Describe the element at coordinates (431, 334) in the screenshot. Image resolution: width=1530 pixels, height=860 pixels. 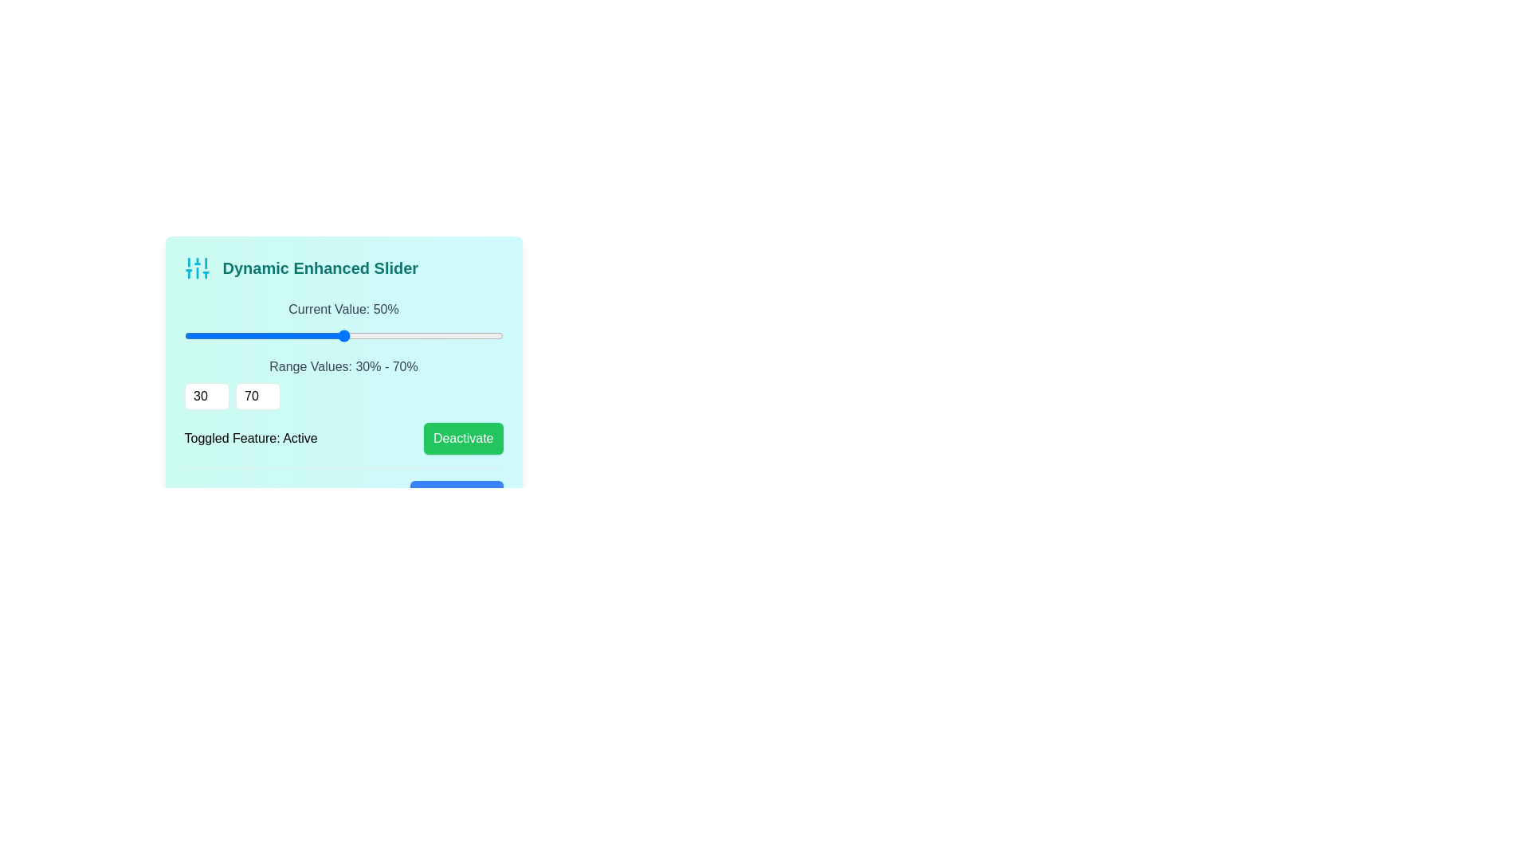
I see `the slider` at that location.